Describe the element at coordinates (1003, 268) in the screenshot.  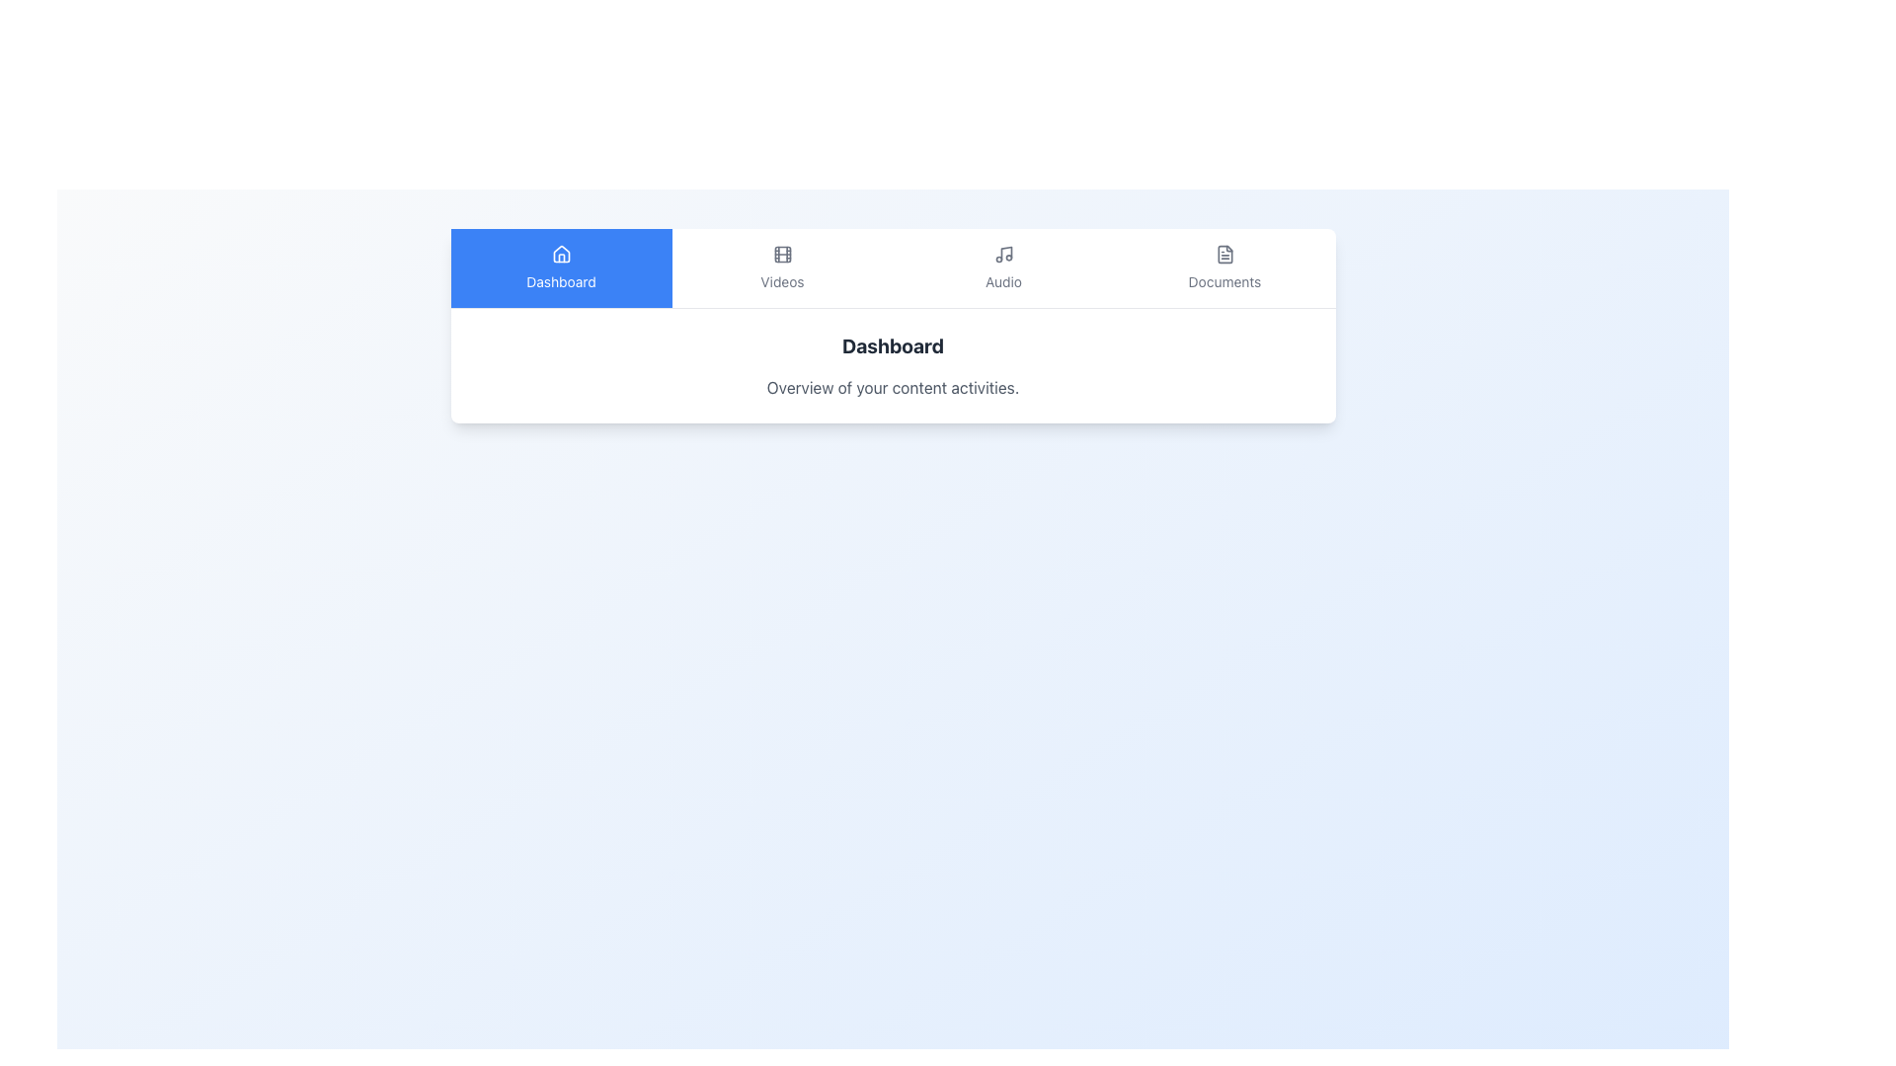
I see `the 'Audio' tab icon, which serves as a visual indicator for the Audio section located in the middle of the horizontal tab menu between 'Videos' and 'Documents'` at that location.